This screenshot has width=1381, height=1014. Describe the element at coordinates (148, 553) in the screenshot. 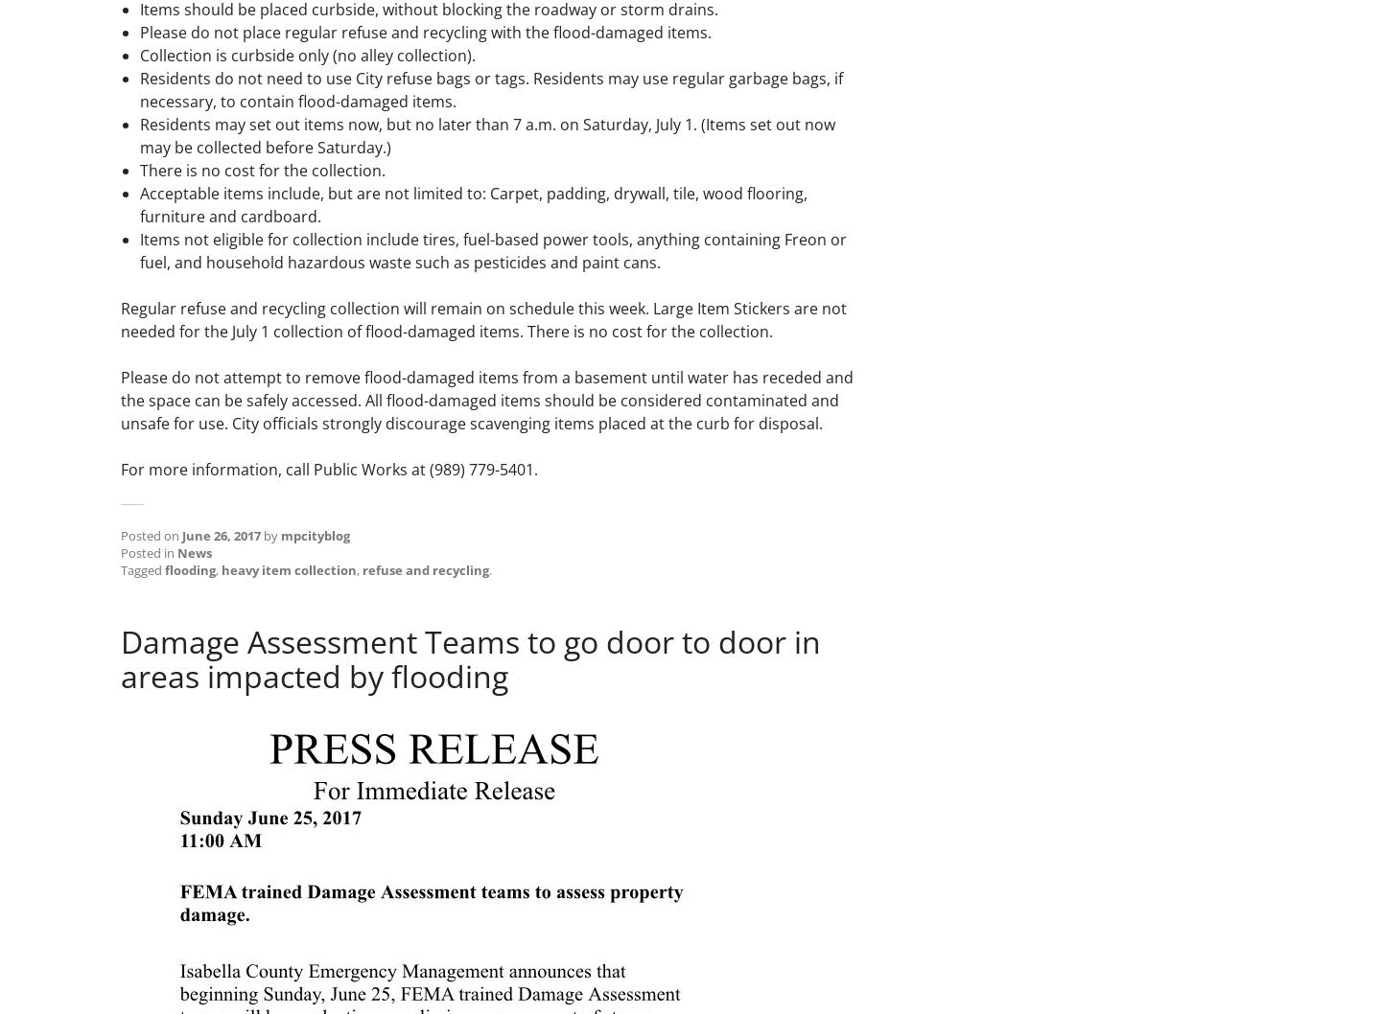

I see `'Posted in'` at that location.